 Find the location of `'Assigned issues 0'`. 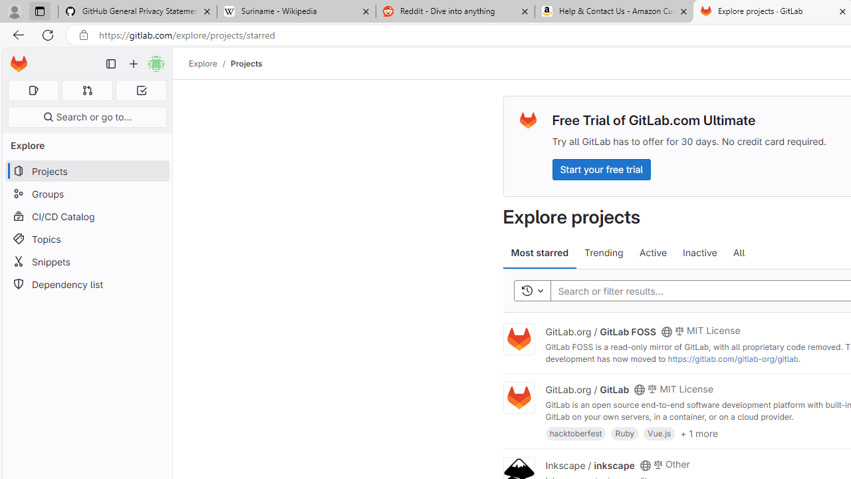

'Assigned issues 0' is located at coordinates (33, 90).